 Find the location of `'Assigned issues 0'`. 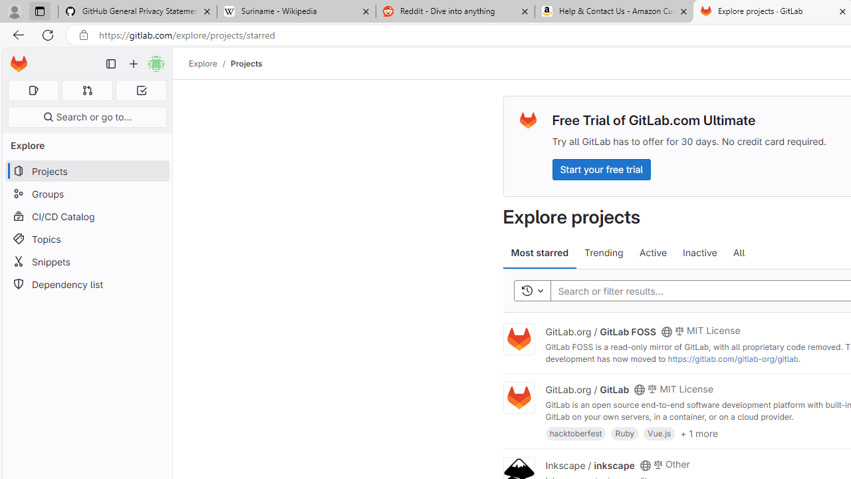

'Assigned issues 0' is located at coordinates (33, 90).